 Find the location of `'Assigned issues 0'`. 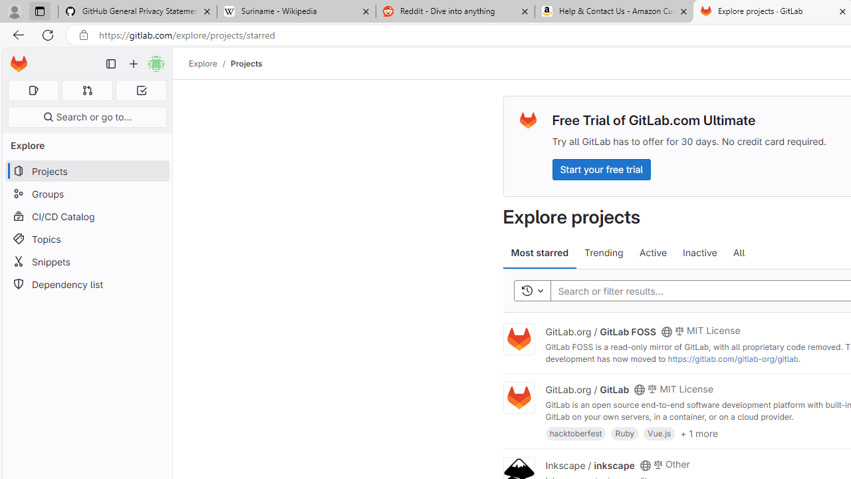

'Assigned issues 0' is located at coordinates (33, 90).